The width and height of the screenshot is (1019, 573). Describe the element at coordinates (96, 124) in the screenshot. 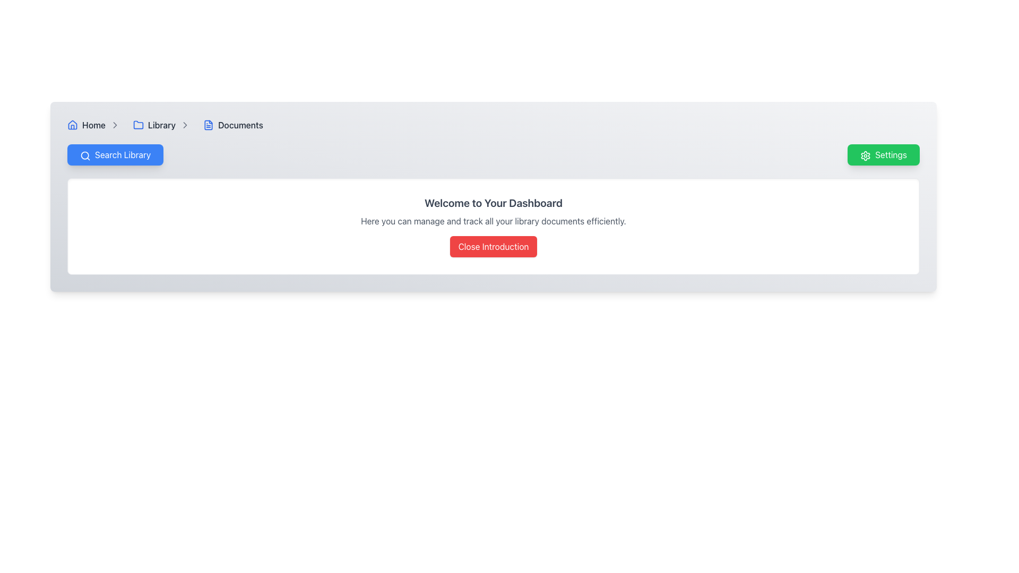

I see `the 'Home' breadcrumb navigation item, which is the first item in the breadcrumb navigation bar located at the top-left corner of the interface` at that location.